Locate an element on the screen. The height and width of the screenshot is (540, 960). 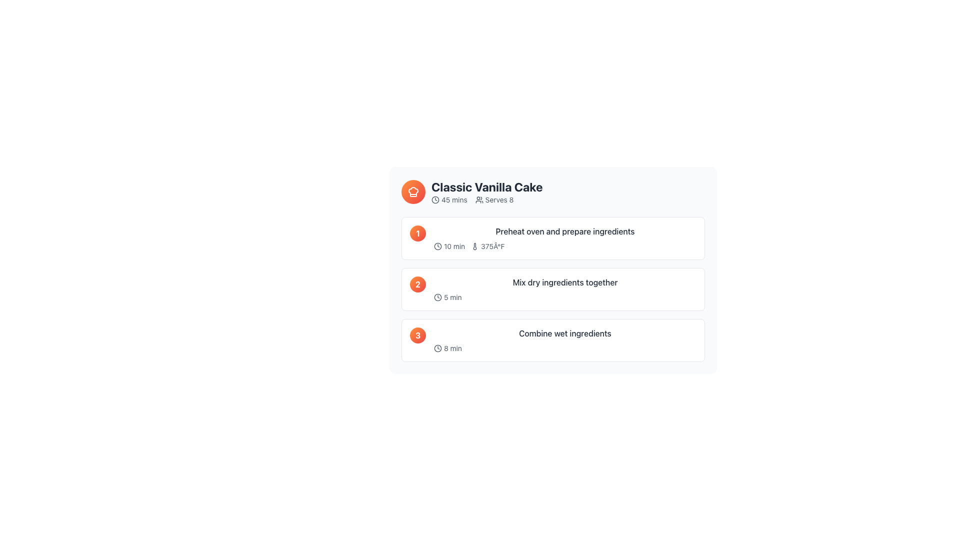
the informational text block that contains the instruction 'Combine wet ingredients' and the time detail '8 min', located in the third step of the recipe list is located at coordinates (565, 340).